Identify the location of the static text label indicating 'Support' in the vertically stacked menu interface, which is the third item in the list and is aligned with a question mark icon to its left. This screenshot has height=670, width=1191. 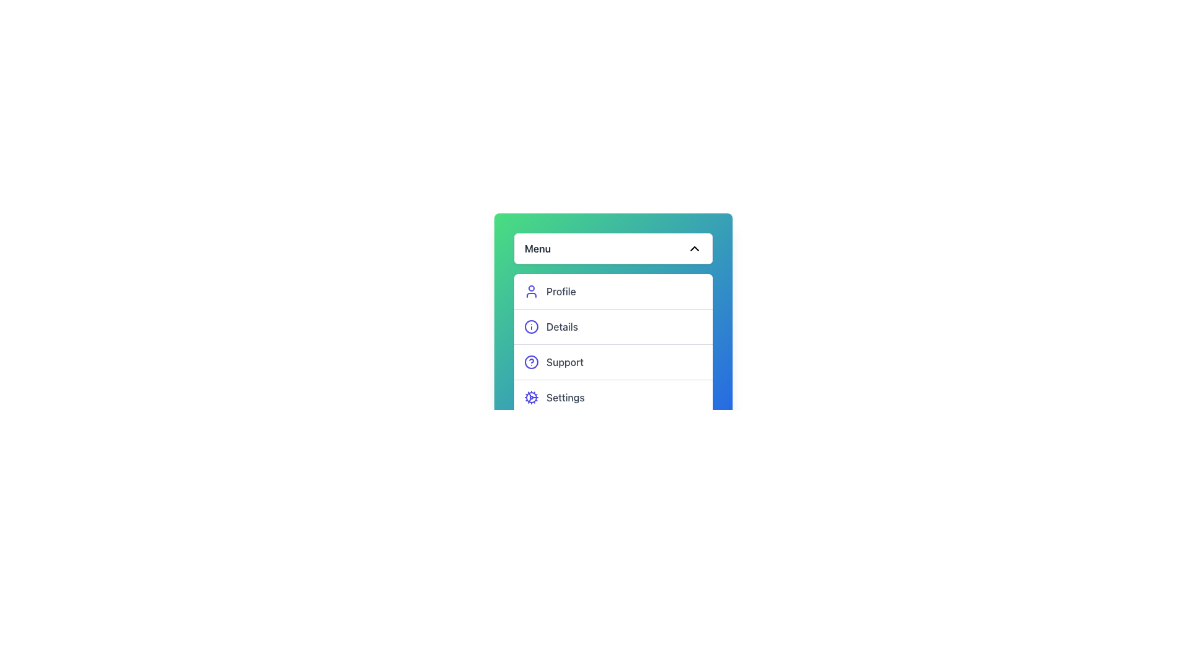
(564, 362).